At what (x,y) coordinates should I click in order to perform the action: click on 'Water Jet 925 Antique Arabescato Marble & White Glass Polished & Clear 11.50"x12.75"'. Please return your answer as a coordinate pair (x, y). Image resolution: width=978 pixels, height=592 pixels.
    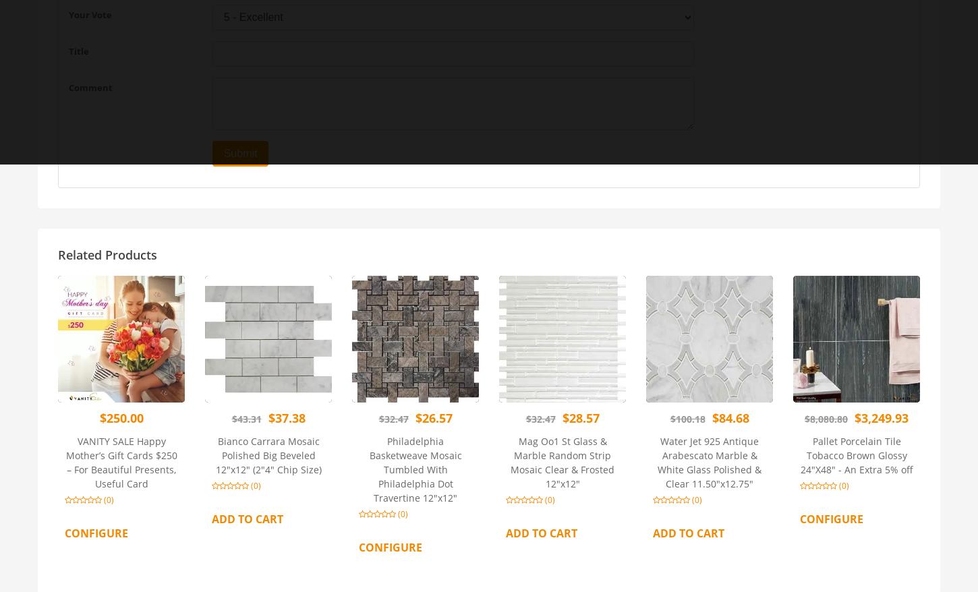
    Looking at the image, I should click on (709, 462).